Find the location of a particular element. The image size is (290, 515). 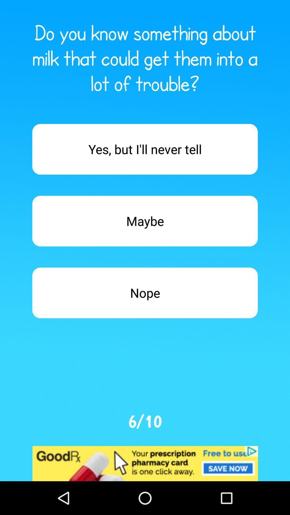

answer nope is located at coordinates (145, 292).